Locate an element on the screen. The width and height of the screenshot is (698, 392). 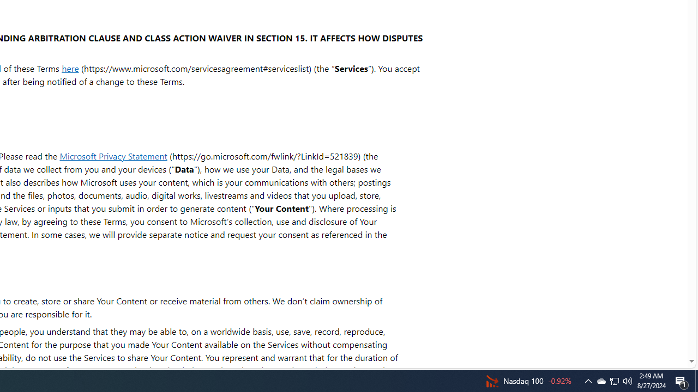
'Microsoft Privacy Statement' is located at coordinates (113, 155).